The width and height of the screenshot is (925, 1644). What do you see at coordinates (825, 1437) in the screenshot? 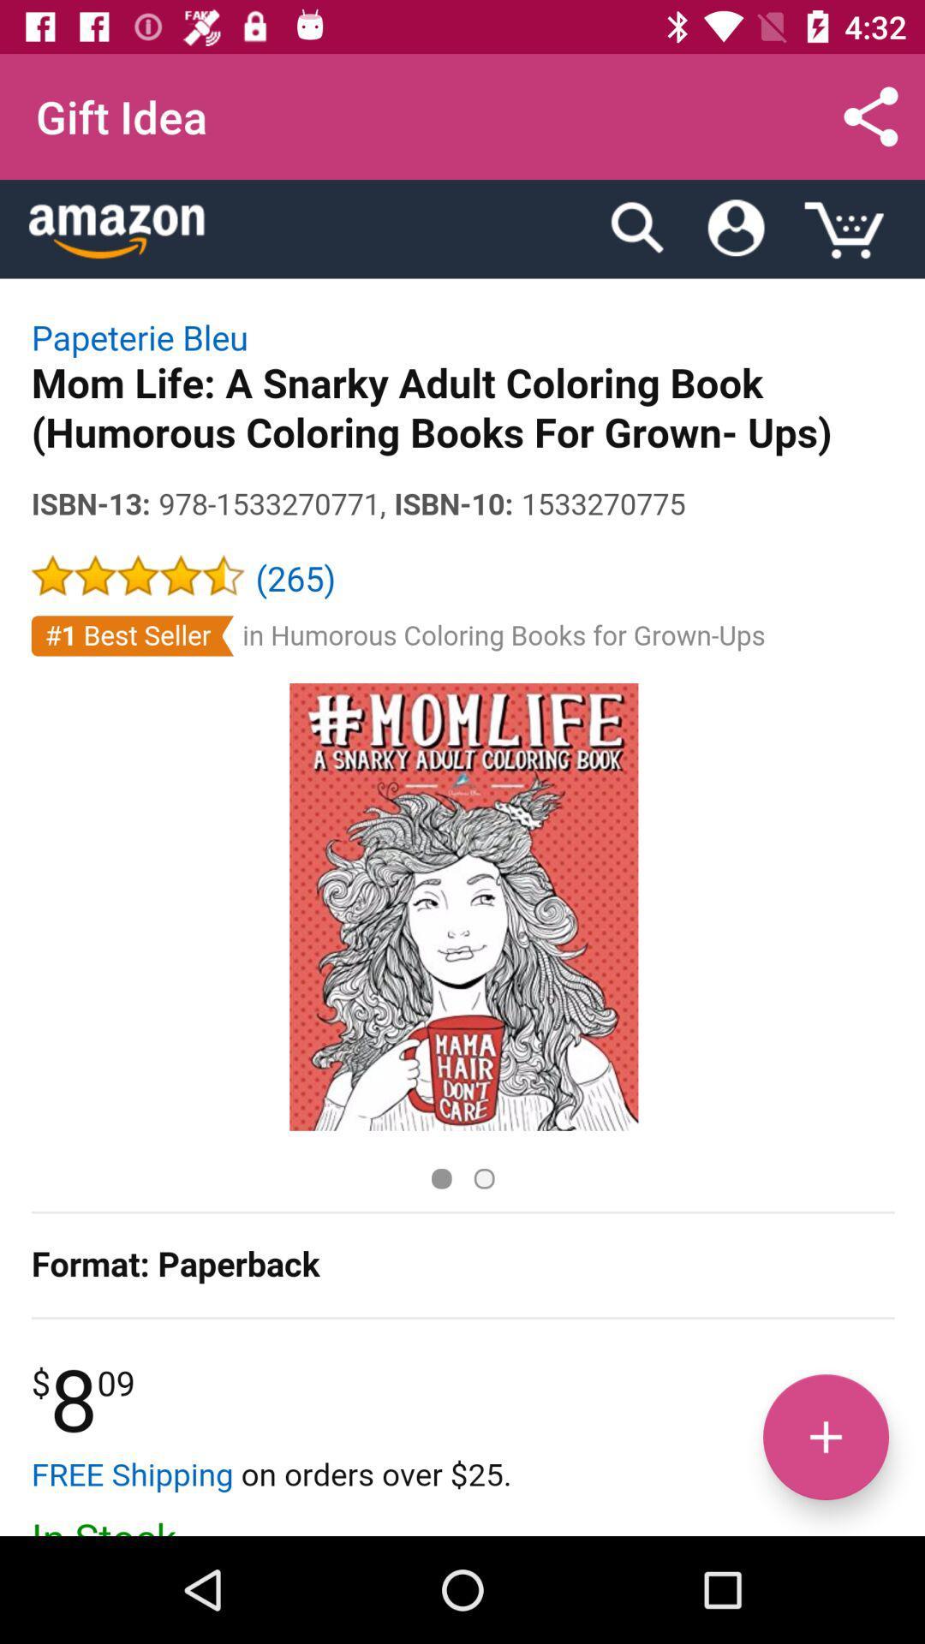
I see `the add icon` at bounding box center [825, 1437].